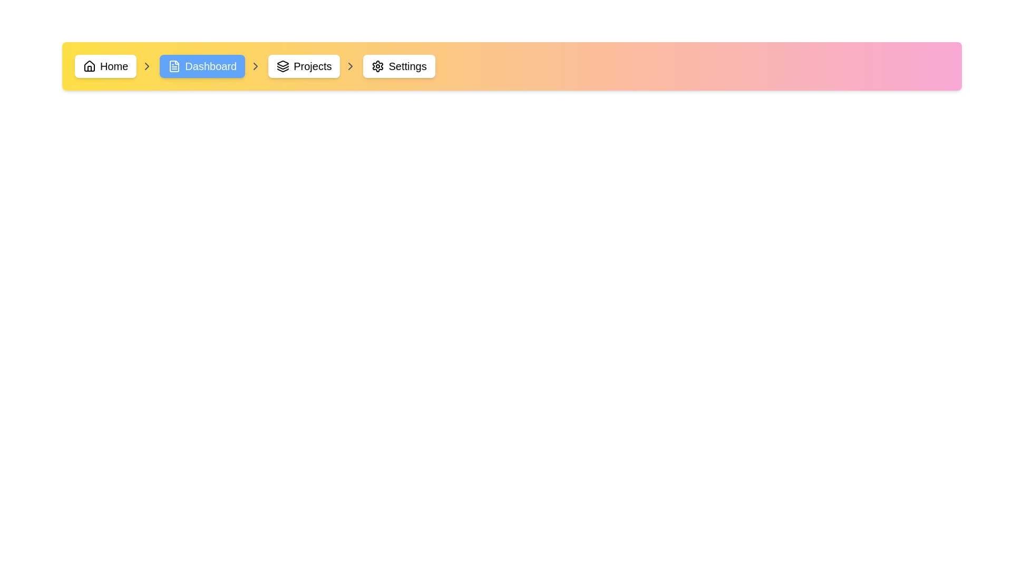 This screenshot has height=569, width=1012. What do you see at coordinates (283, 63) in the screenshot?
I see `the decorative icon in the breadcrumb menu bar that indicates the 'Projects' section, assisting users in navigation` at bounding box center [283, 63].